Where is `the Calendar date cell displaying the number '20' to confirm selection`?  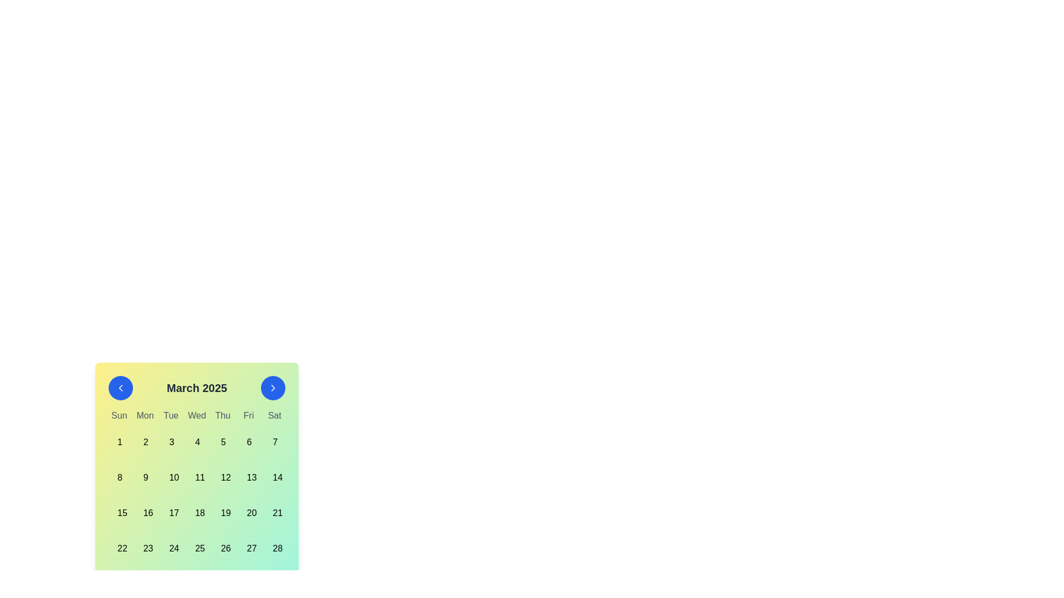 the Calendar date cell displaying the number '20' to confirm selection is located at coordinates (248, 513).